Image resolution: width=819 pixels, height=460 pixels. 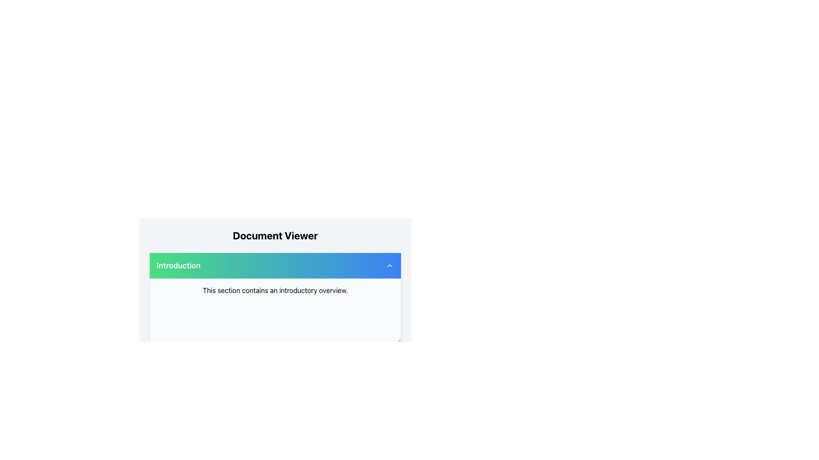 I want to click on static text label stating 'This section contains an introductory overview.' which is displayed beneath the 'Introduction' header, so click(x=275, y=290).